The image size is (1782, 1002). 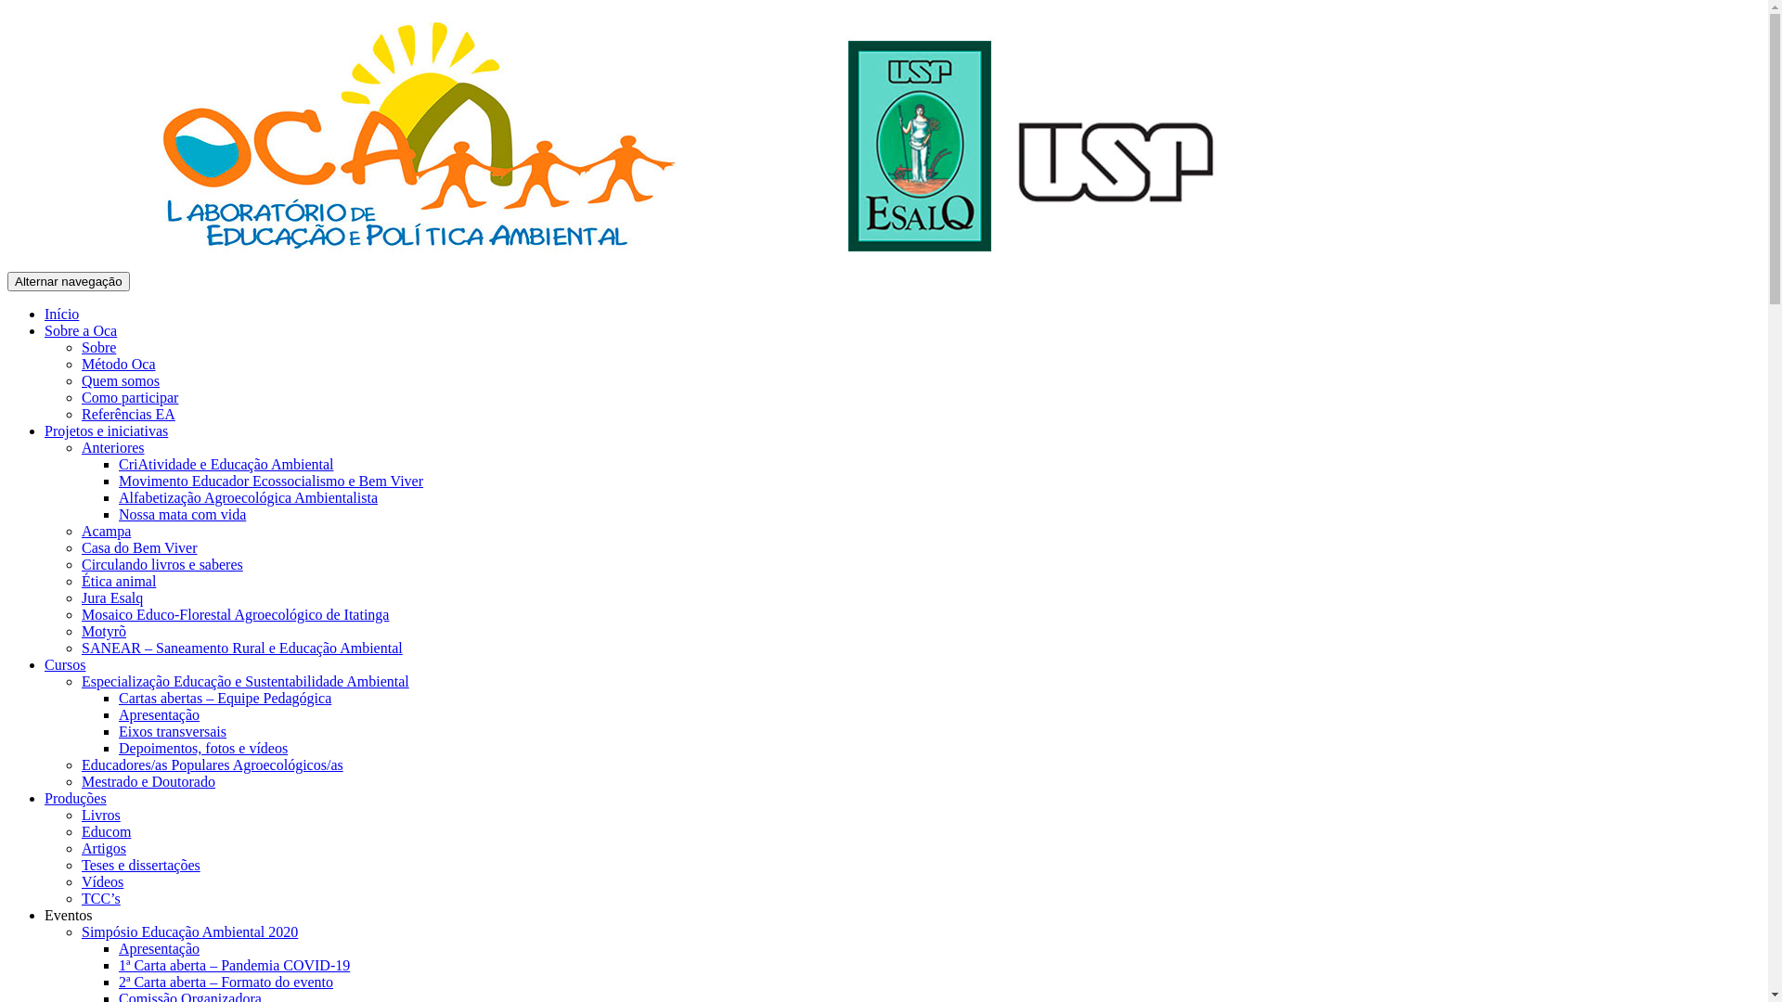 What do you see at coordinates (97, 347) in the screenshot?
I see `'Sobre'` at bounding box center [97, 347].